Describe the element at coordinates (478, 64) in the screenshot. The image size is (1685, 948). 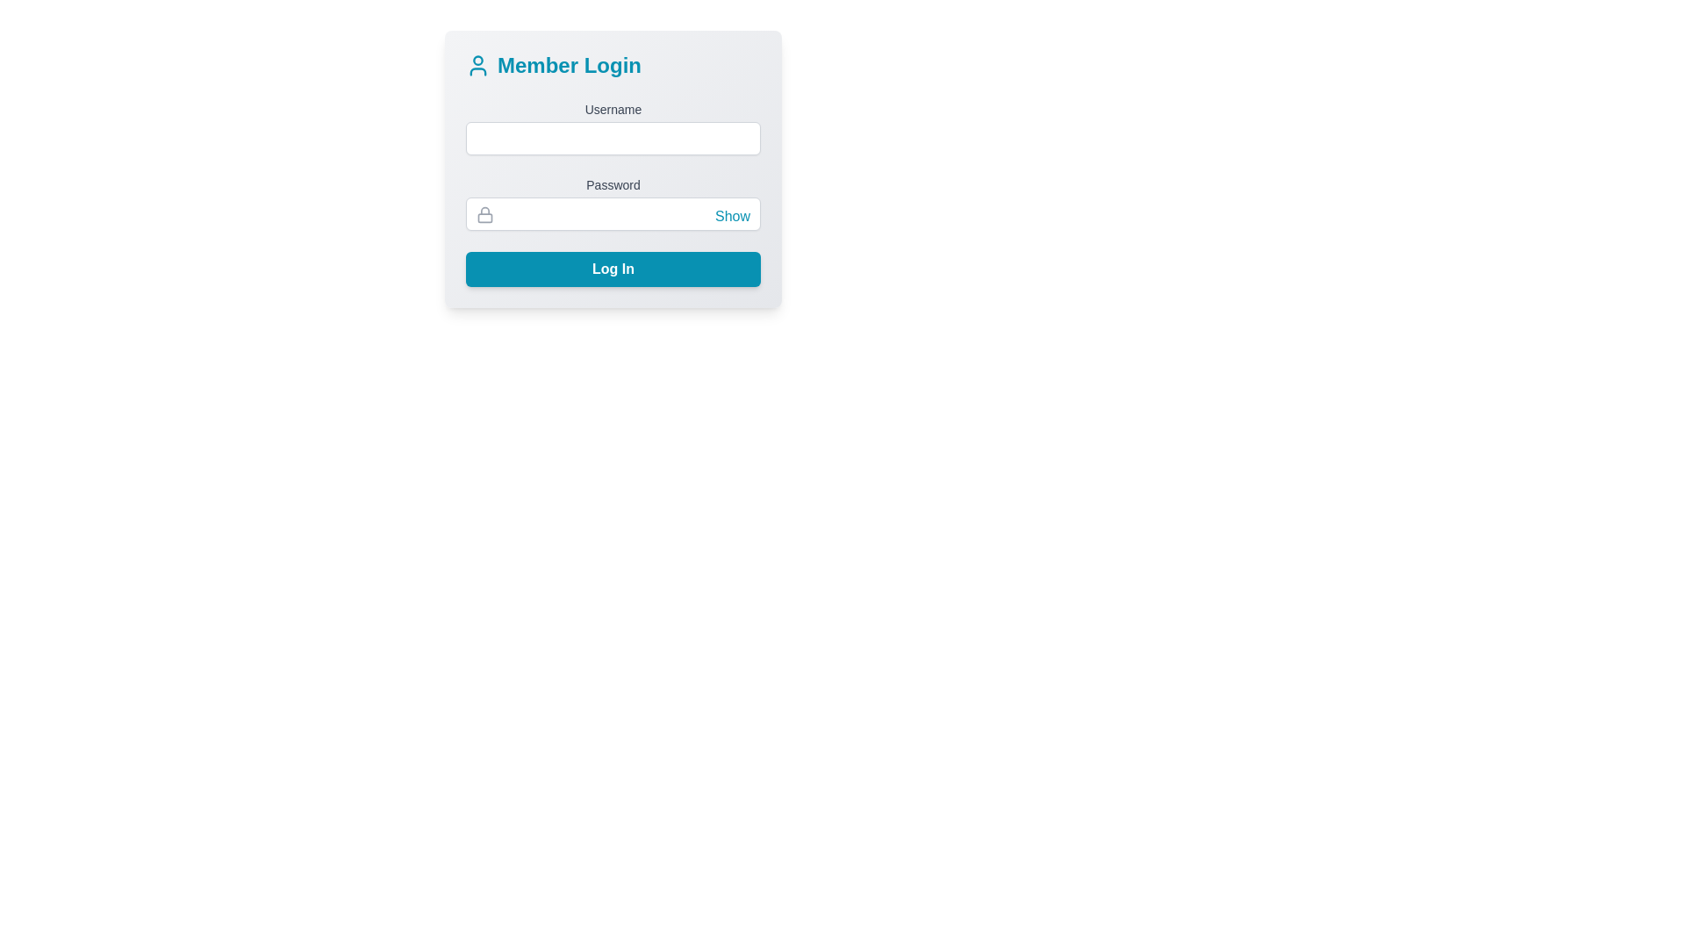
I see `the user-related functionality icon located to the left of the 'Member Login' text, which is centered vertically and horizontally aligned with the text in the header group of the login form` at that location.